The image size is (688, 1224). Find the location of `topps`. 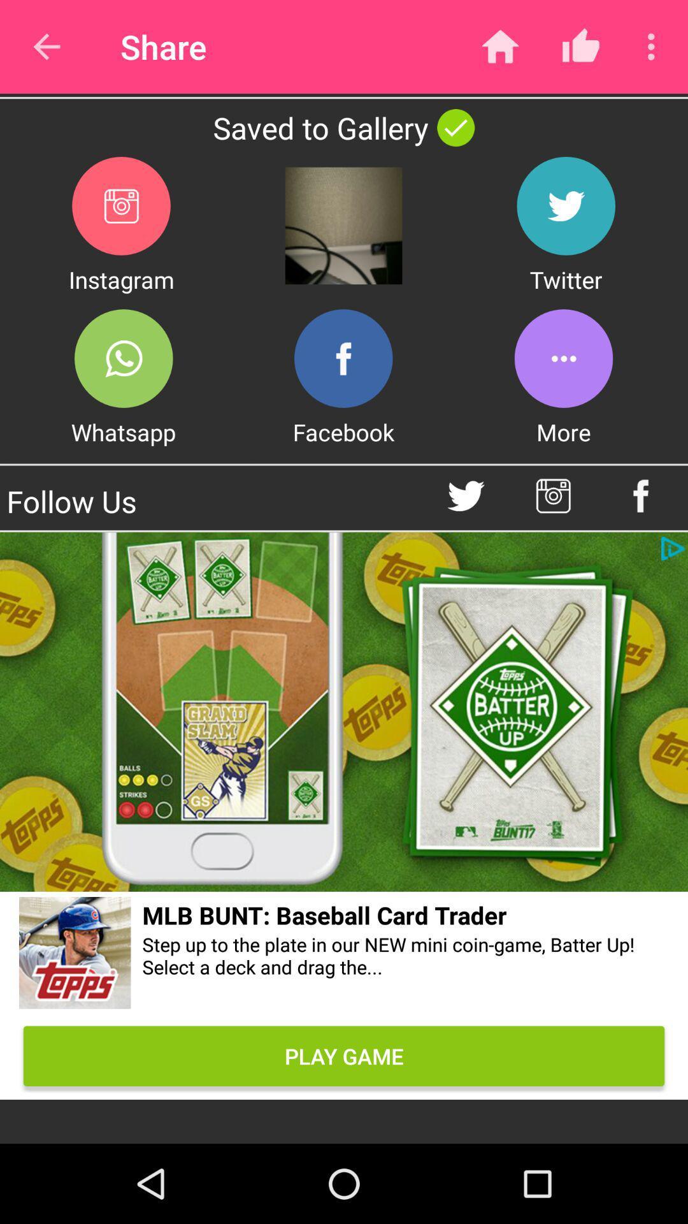

topps is located at coordinates (75, 955).